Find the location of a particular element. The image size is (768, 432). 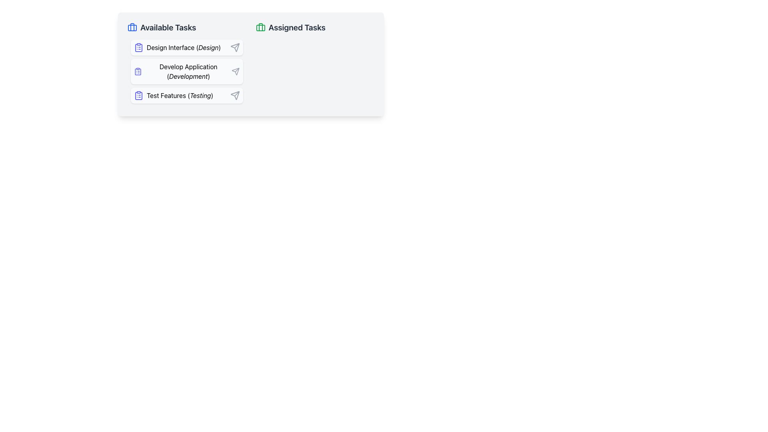

the intricate triangular-shaped icon associated with the 'Test Features (Testing)' task is located at coordinates (234, 95).